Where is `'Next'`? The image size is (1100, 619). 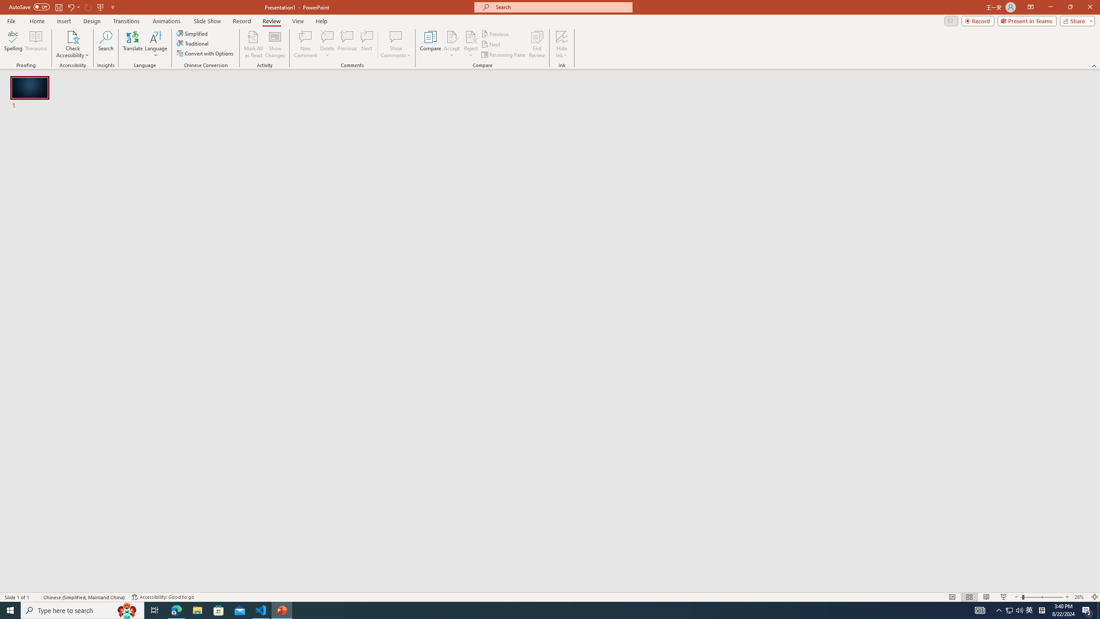 'Next' is located at coordinates (491, 44).